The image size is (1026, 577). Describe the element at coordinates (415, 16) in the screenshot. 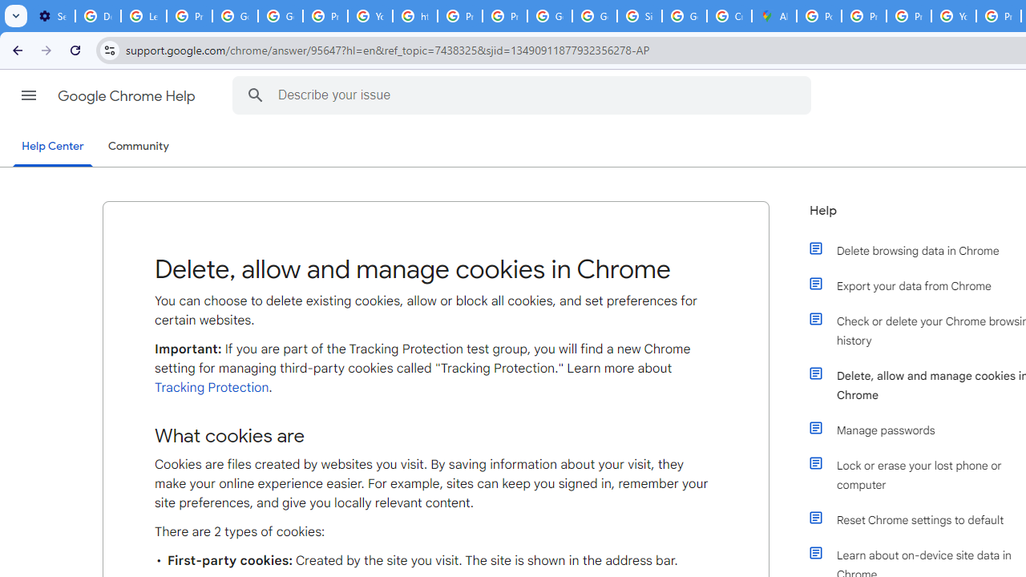

I see `'https://scholar.google.com/'` at that location.